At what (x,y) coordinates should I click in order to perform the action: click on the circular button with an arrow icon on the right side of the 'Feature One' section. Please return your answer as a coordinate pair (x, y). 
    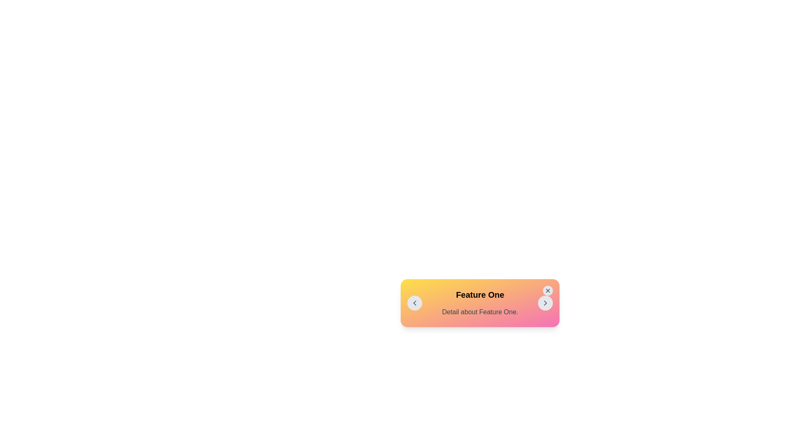
    Looking at the image, I should click on (545, 303).